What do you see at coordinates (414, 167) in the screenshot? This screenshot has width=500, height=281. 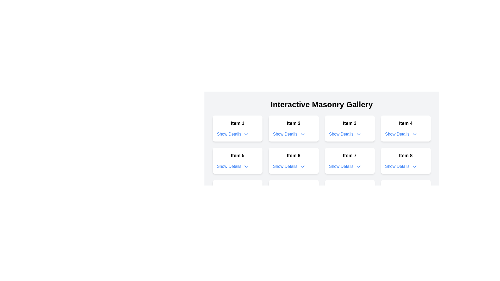 I see `the Chevron Down Icon next to the 'Show Details' text in the 'Item 8' section` at bounding box center [414, 167].